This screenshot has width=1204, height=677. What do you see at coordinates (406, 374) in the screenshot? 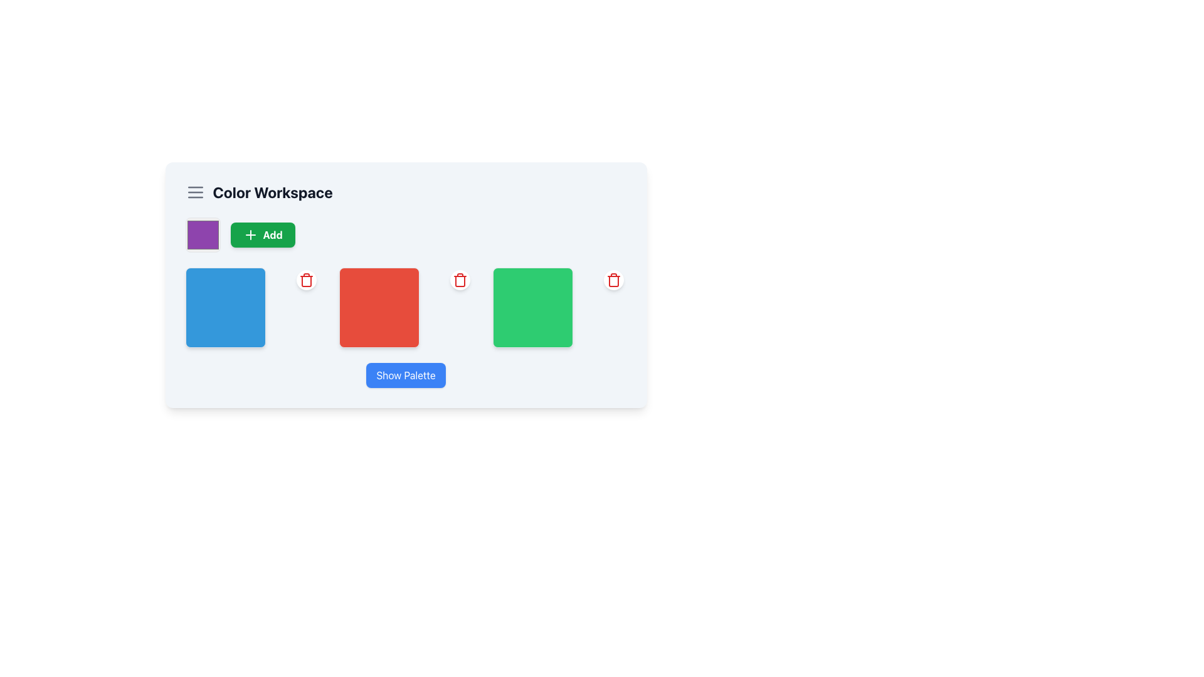
I see `the color options button located at the bottom-middle area of the interface` at bounding box center [406, 374].